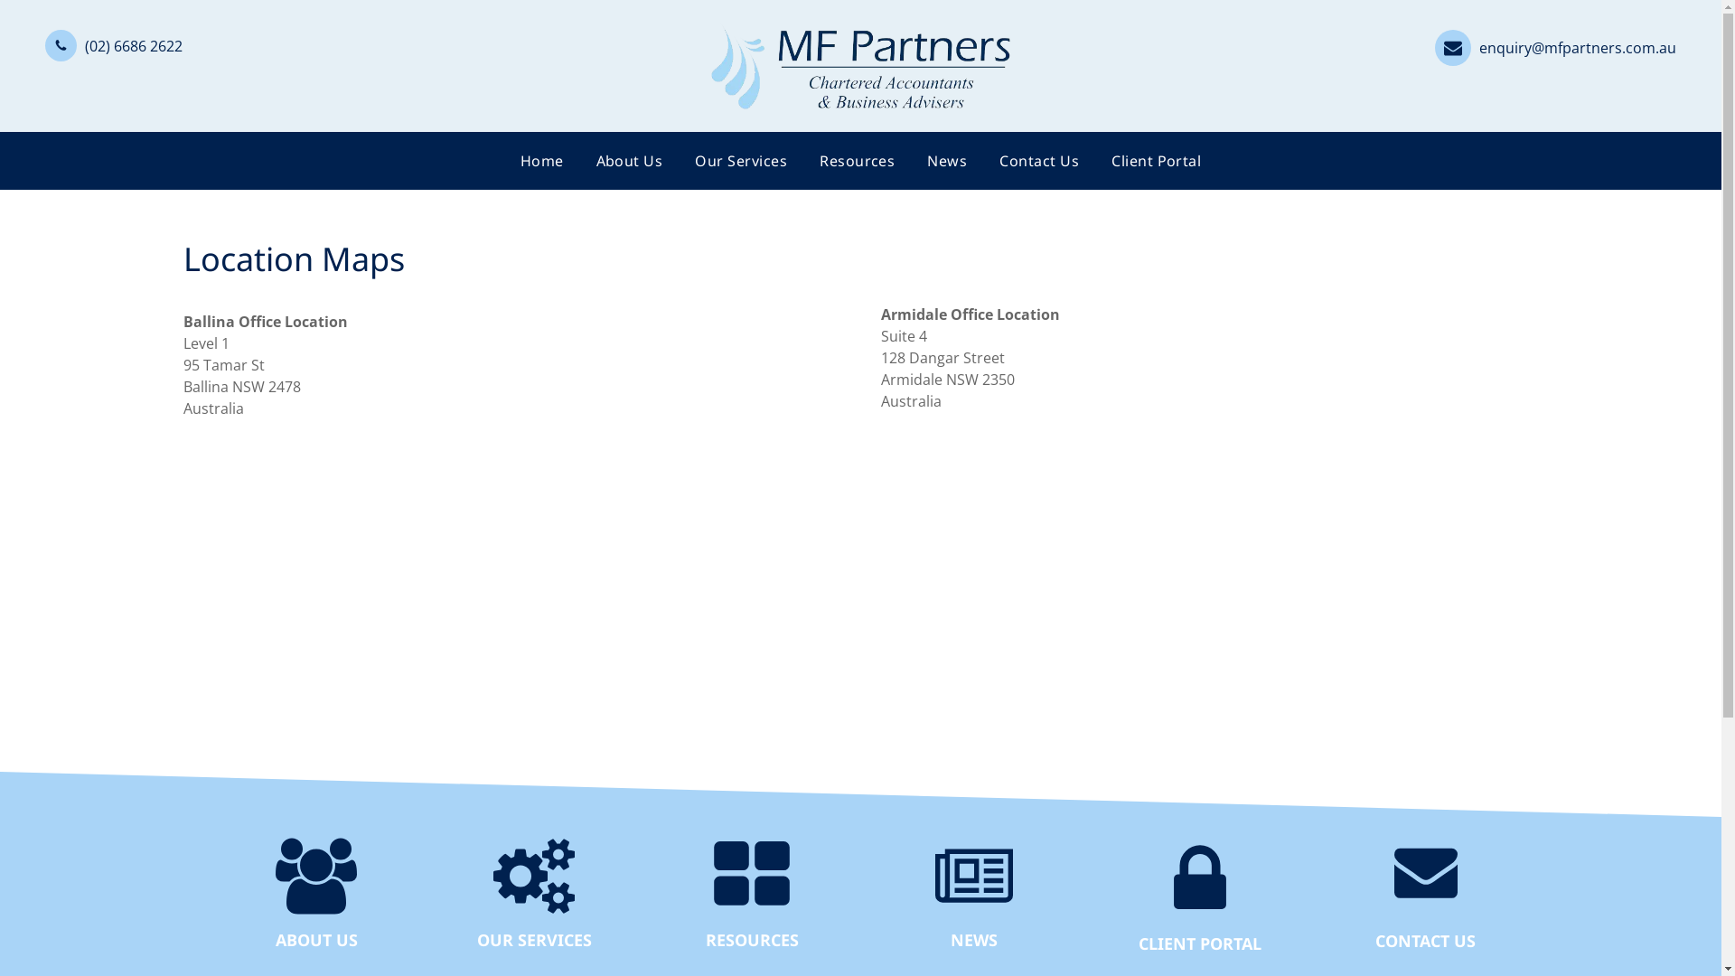 The width and height of the screenshot is (1735, 976). What do you see at coordinates (1424, 939) in the screenshot?
I see `'CONTACT US'` at bounding box center [1424, 939].